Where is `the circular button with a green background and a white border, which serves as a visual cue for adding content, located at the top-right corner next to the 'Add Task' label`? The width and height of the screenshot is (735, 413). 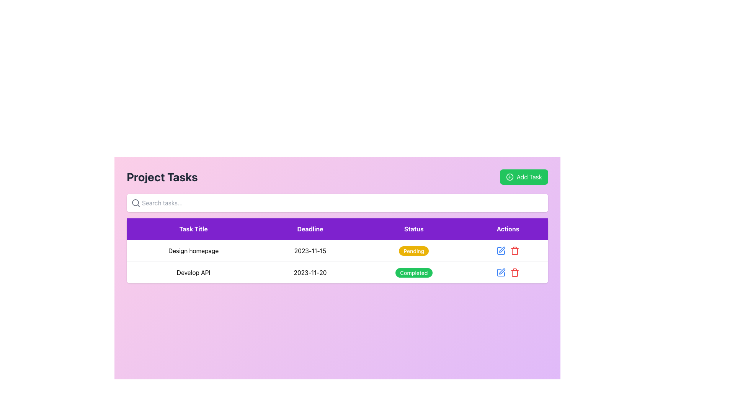
the circular button with a green background and a white border, which serves as a visual cue for adding content, located at the top-right corner next to the 'Add Task' label is located at coordinates (510, 177).